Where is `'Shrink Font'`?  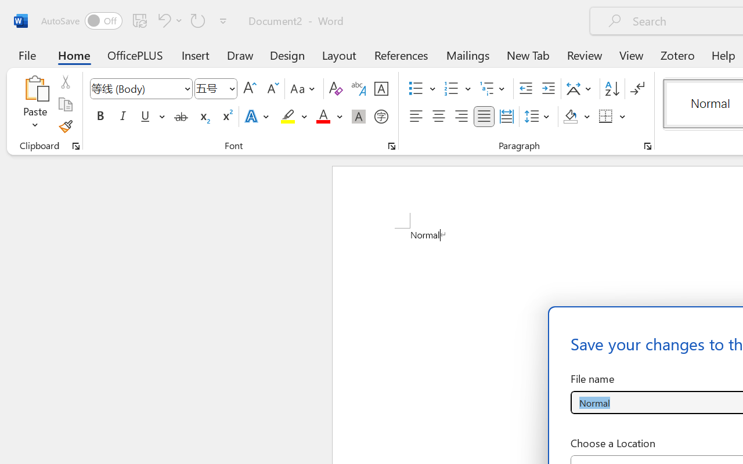 'Shrink Font' is located at coordinates (271, 89).